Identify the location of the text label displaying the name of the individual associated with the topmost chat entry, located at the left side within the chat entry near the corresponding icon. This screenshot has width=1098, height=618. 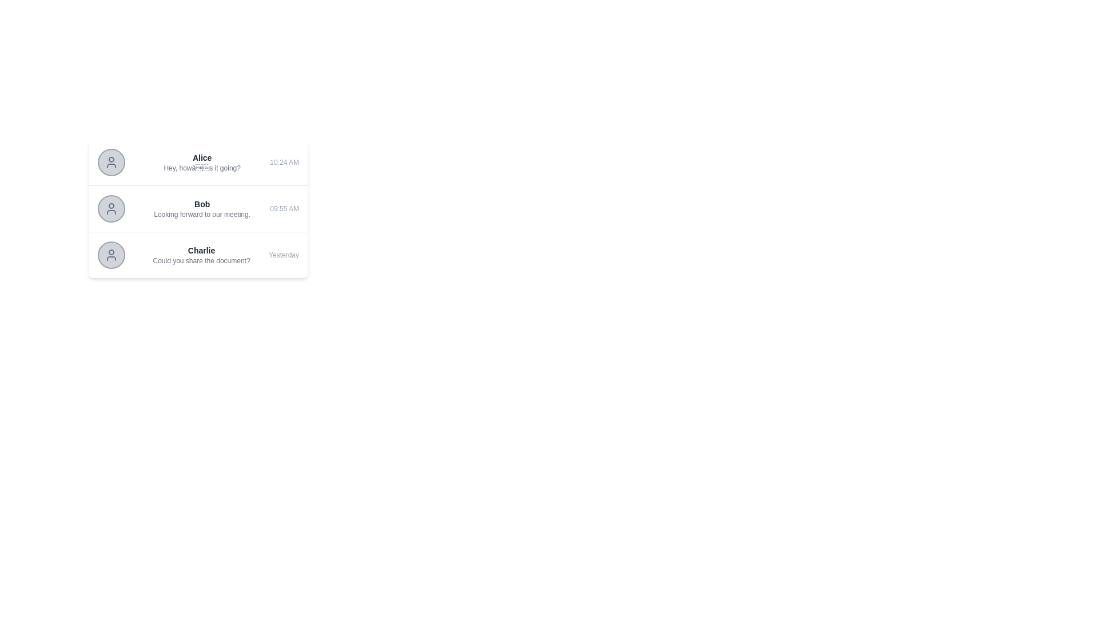
(202, 158).